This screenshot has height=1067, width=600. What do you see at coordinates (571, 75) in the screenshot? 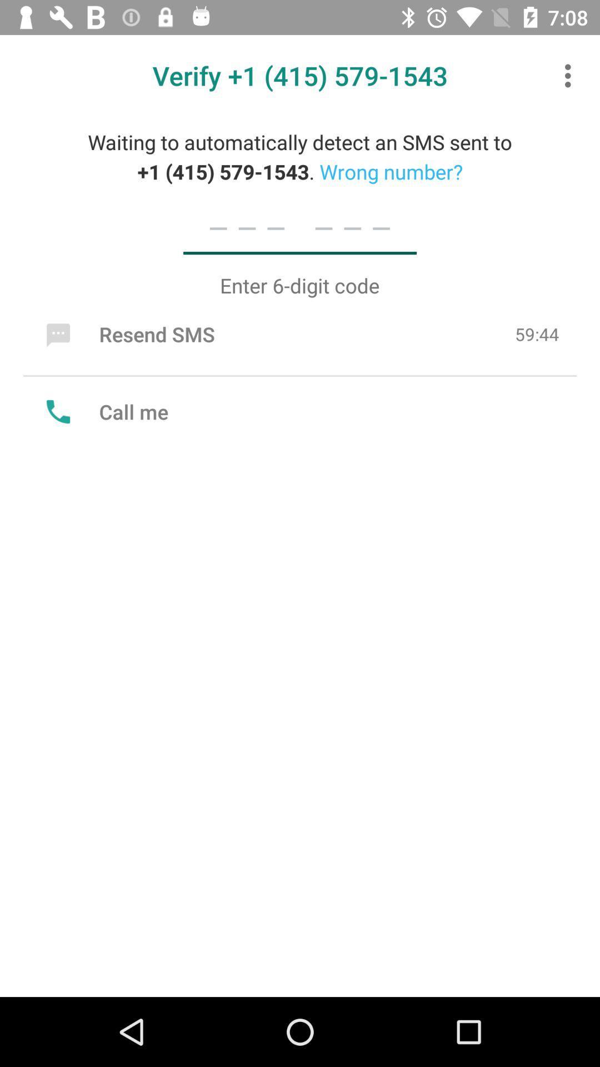
I see `item at the top right corner` at bounding box center [571, 75].